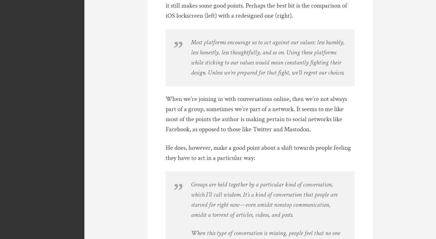 This screenshot has height=239, width=436. I want to click on 'wisdom', so click(232, 194).